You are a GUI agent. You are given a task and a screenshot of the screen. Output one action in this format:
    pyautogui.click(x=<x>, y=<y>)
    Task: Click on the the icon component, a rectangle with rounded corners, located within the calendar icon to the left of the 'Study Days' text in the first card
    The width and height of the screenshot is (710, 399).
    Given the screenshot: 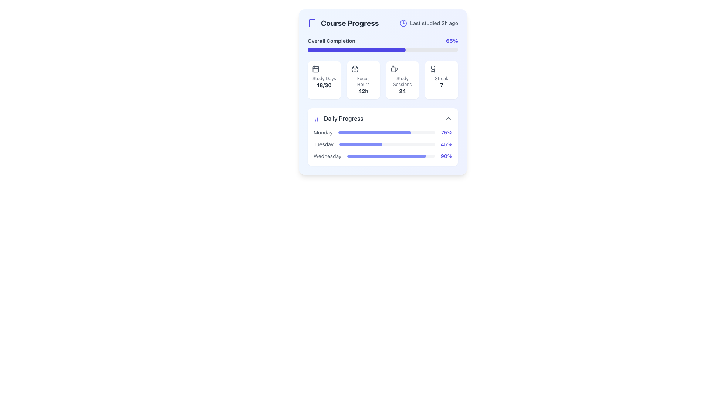 What is the action you would take?
    pyautogui.click(x=316, y=69)
    